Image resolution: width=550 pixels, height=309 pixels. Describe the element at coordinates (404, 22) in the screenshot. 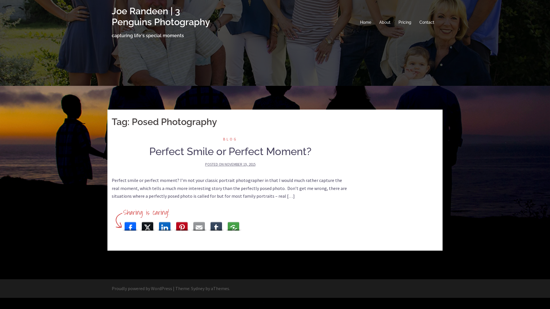

I see `'Pricing'` at that location.